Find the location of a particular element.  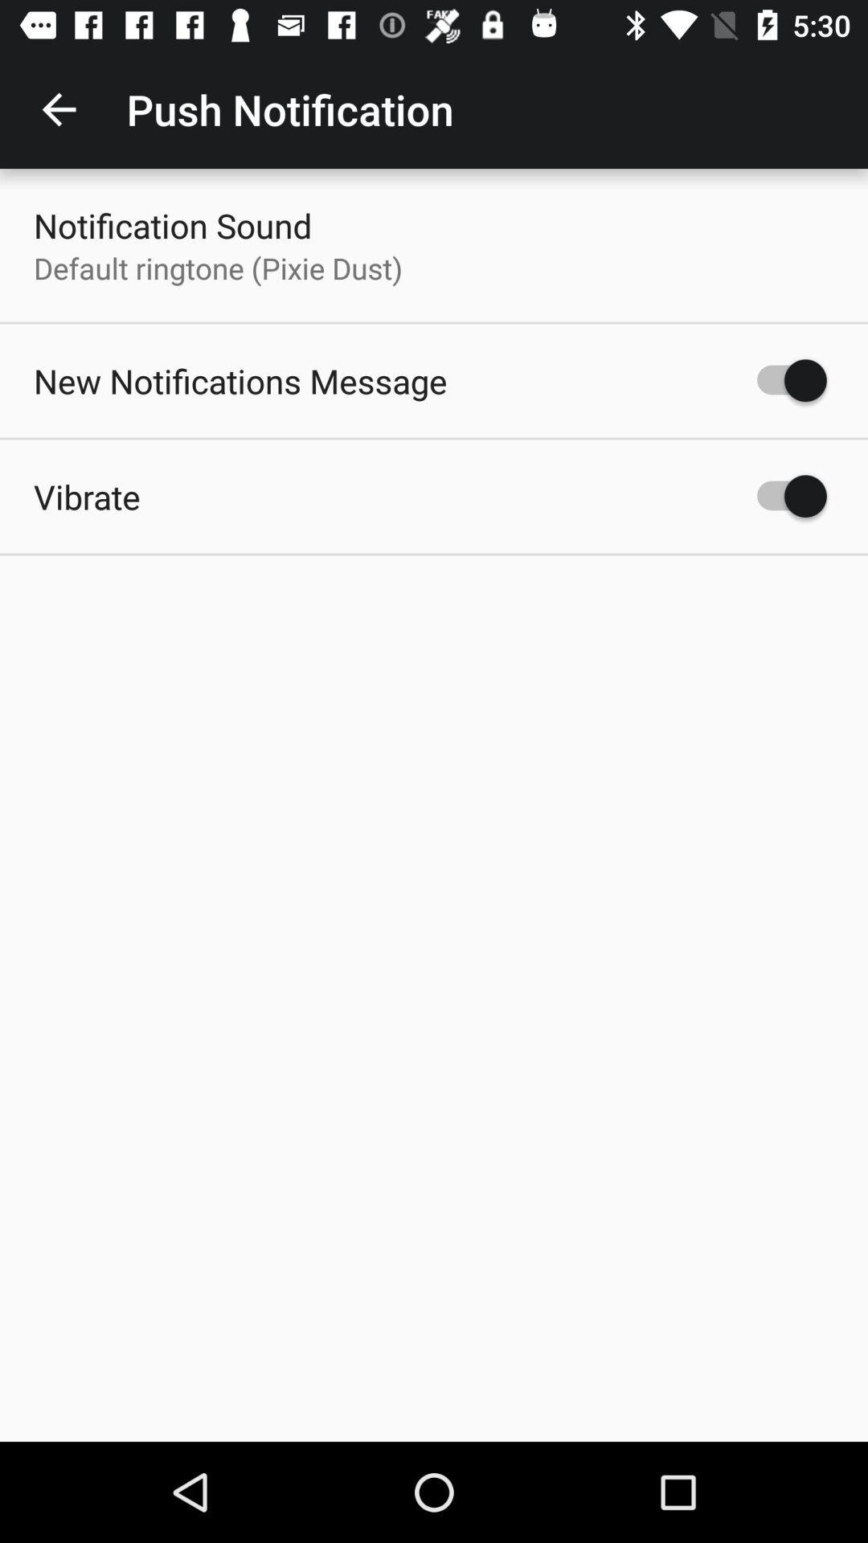

item above the vibrate icon is located at coordinates (240, 380).